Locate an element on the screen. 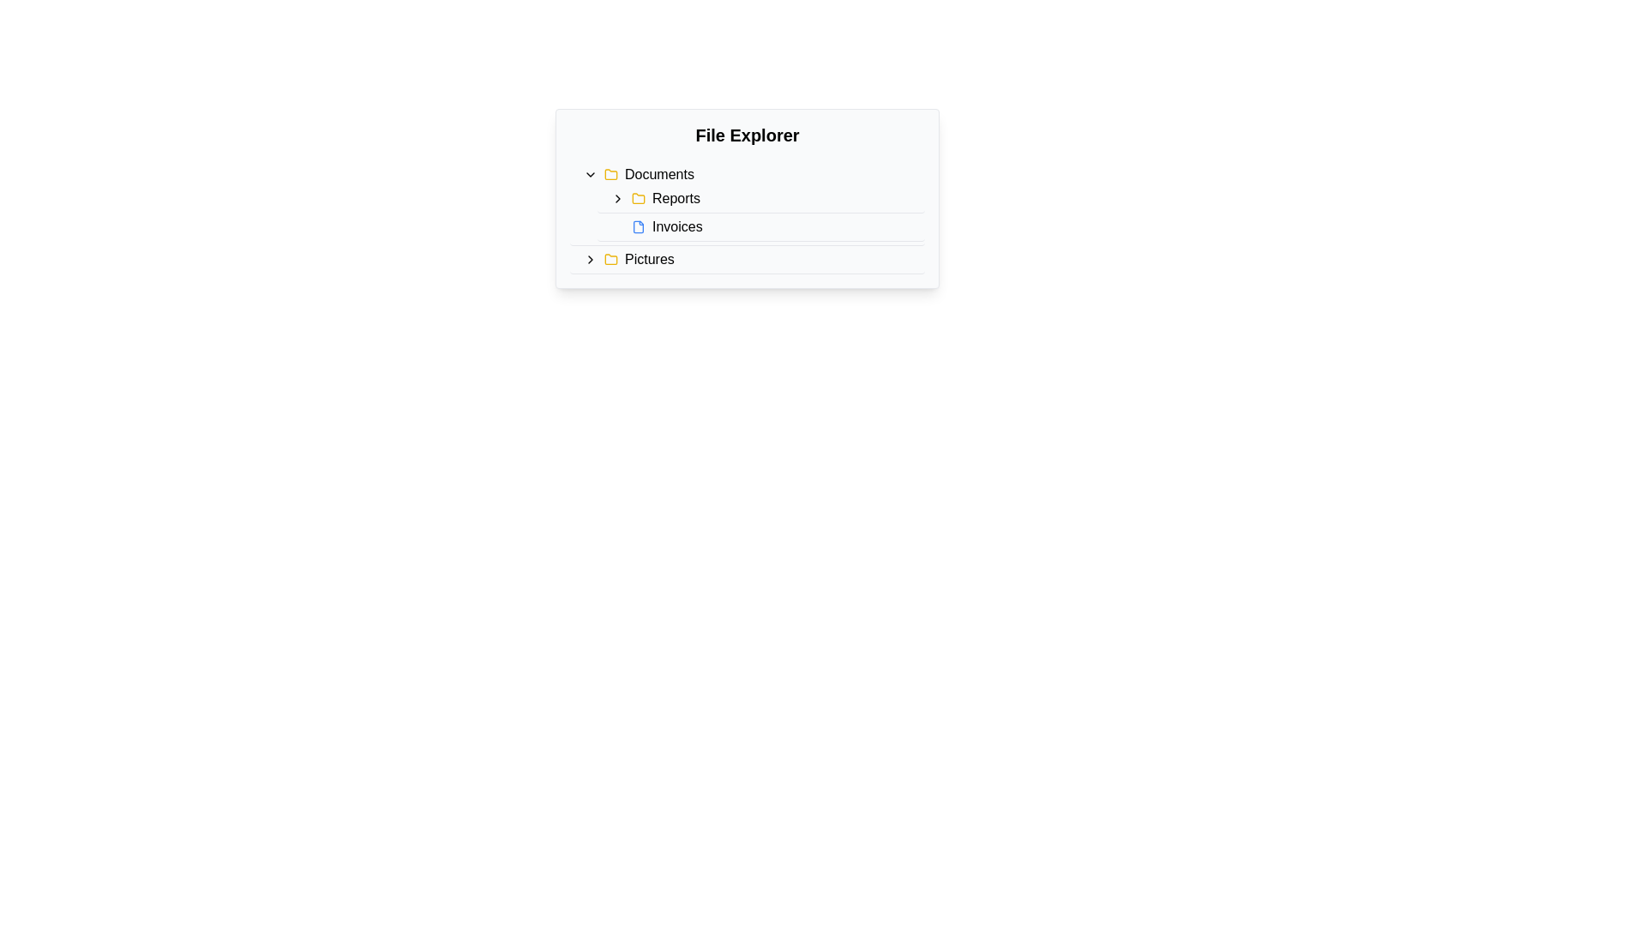  the small downward-facing chevron toggle button located to the left of the 'Documents' label in the File Explorer interface is located at coordinates (591, 175).